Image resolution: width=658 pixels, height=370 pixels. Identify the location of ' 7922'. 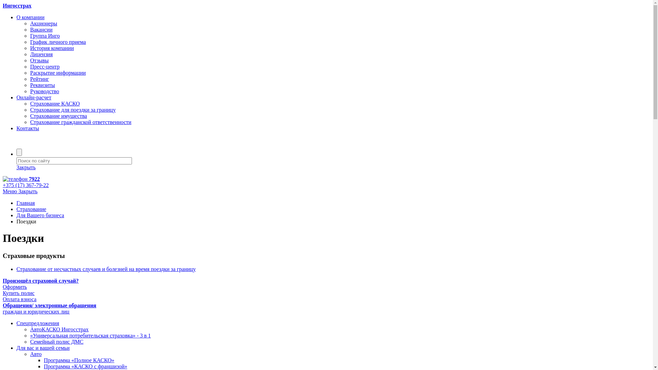
(3, 179).